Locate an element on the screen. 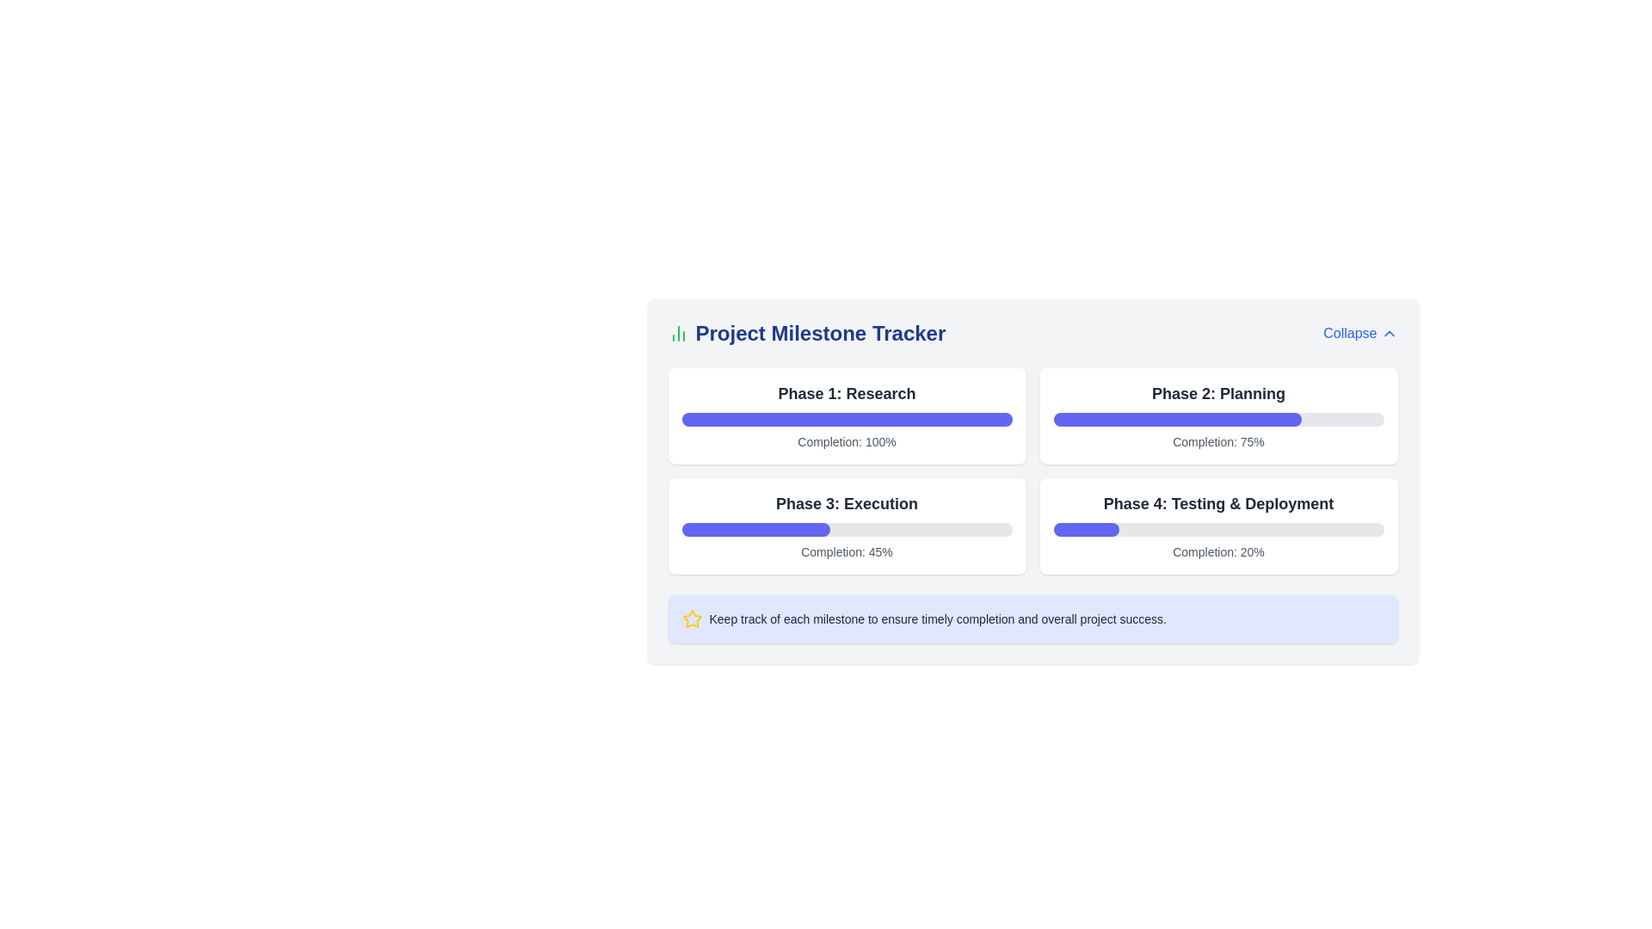  progress information from the Information card displaying the status of 'Phase 4: Testing & Deployment', located in the bottom-right quadrant of the milestone tracker interface is located at coordinates (1217, 526).